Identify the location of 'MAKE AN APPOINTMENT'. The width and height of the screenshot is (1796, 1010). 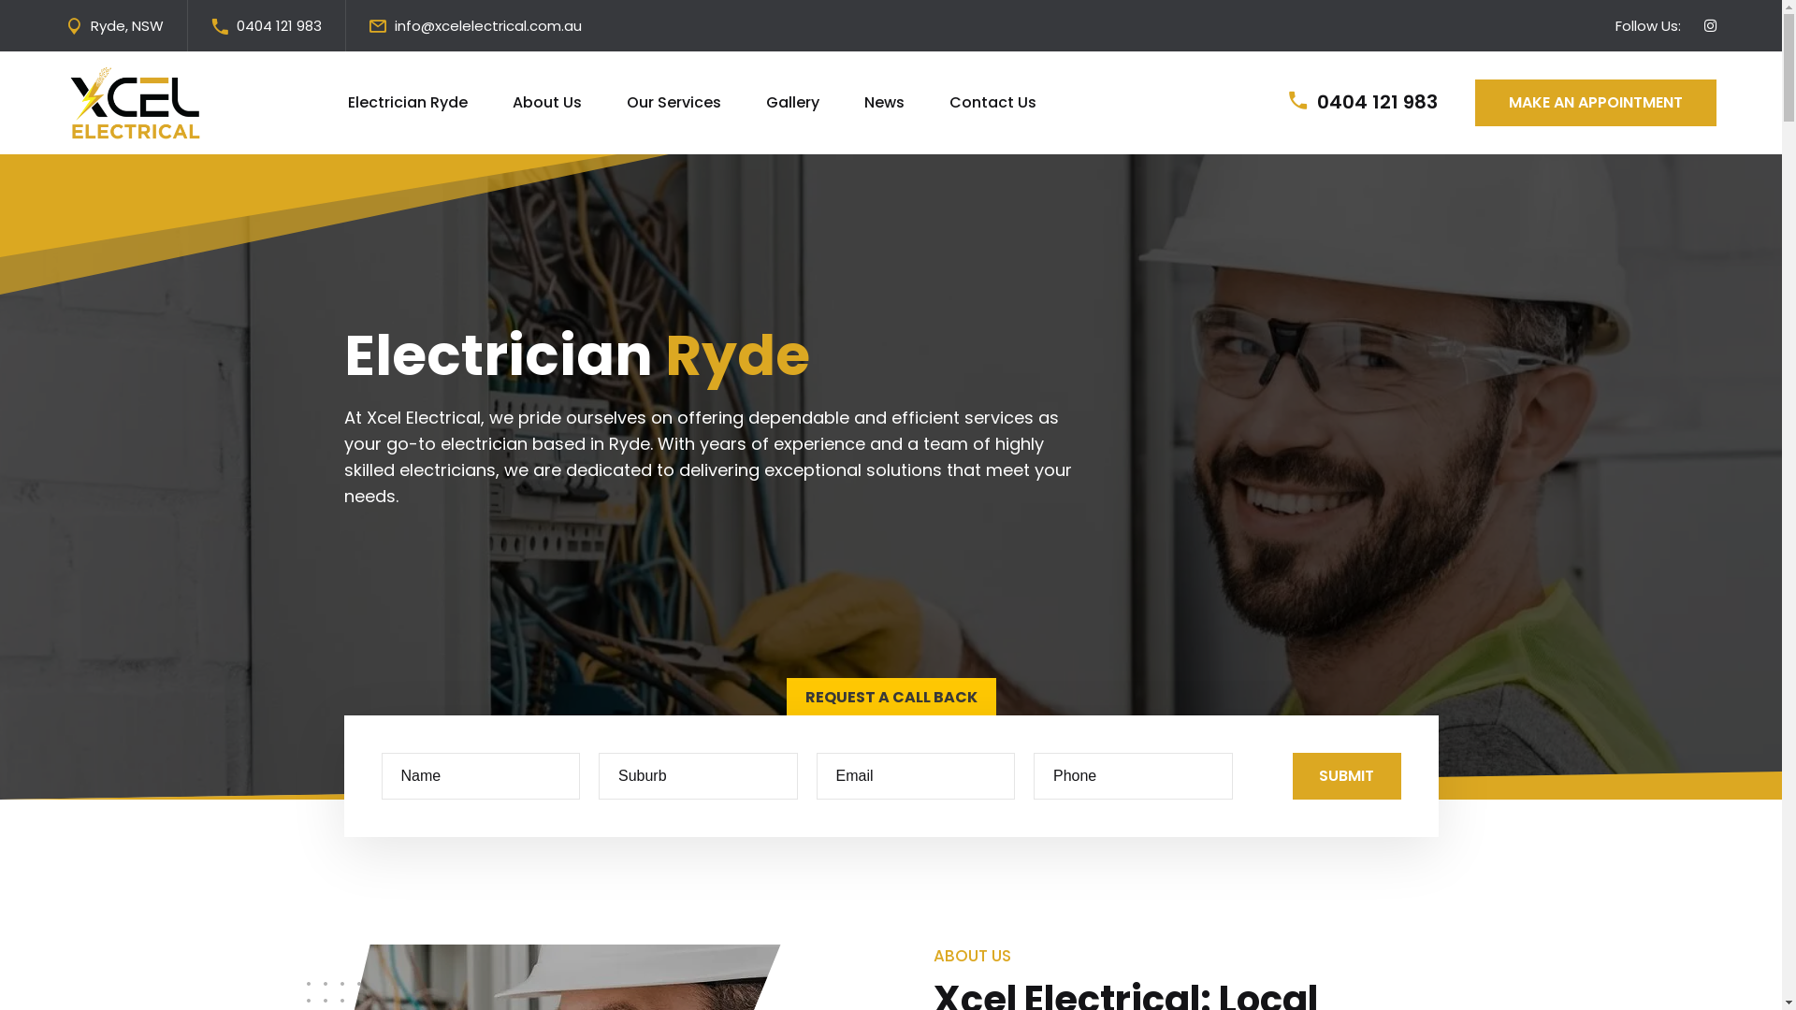
(1474, 103).